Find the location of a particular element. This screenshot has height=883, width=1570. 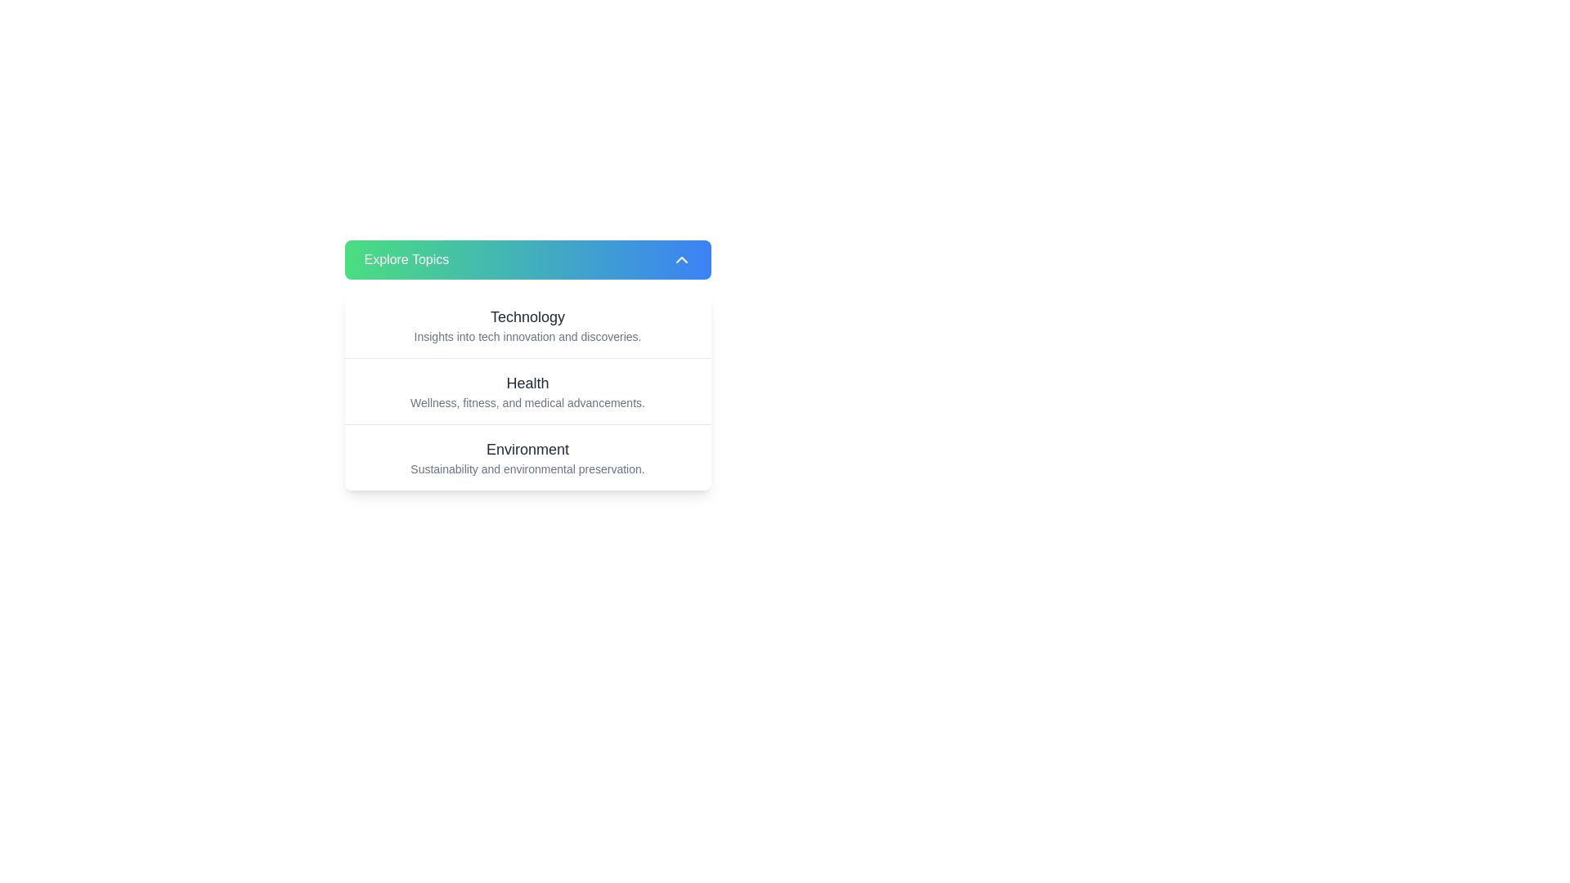

the Text Label that provides a descriptive summary related to the category 'Health', which is centered below the header text 'Health' is located at coordinates (527, 403).